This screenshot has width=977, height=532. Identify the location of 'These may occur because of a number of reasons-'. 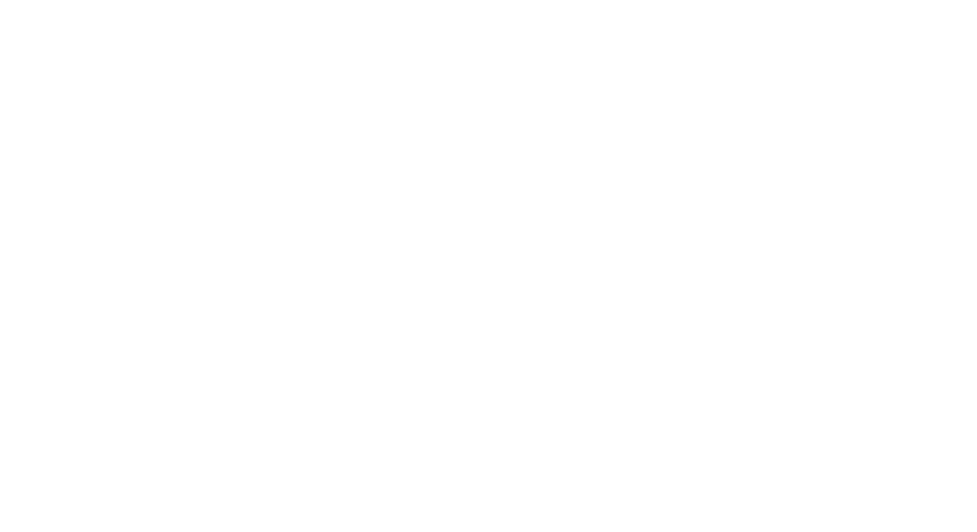
(298, 169).